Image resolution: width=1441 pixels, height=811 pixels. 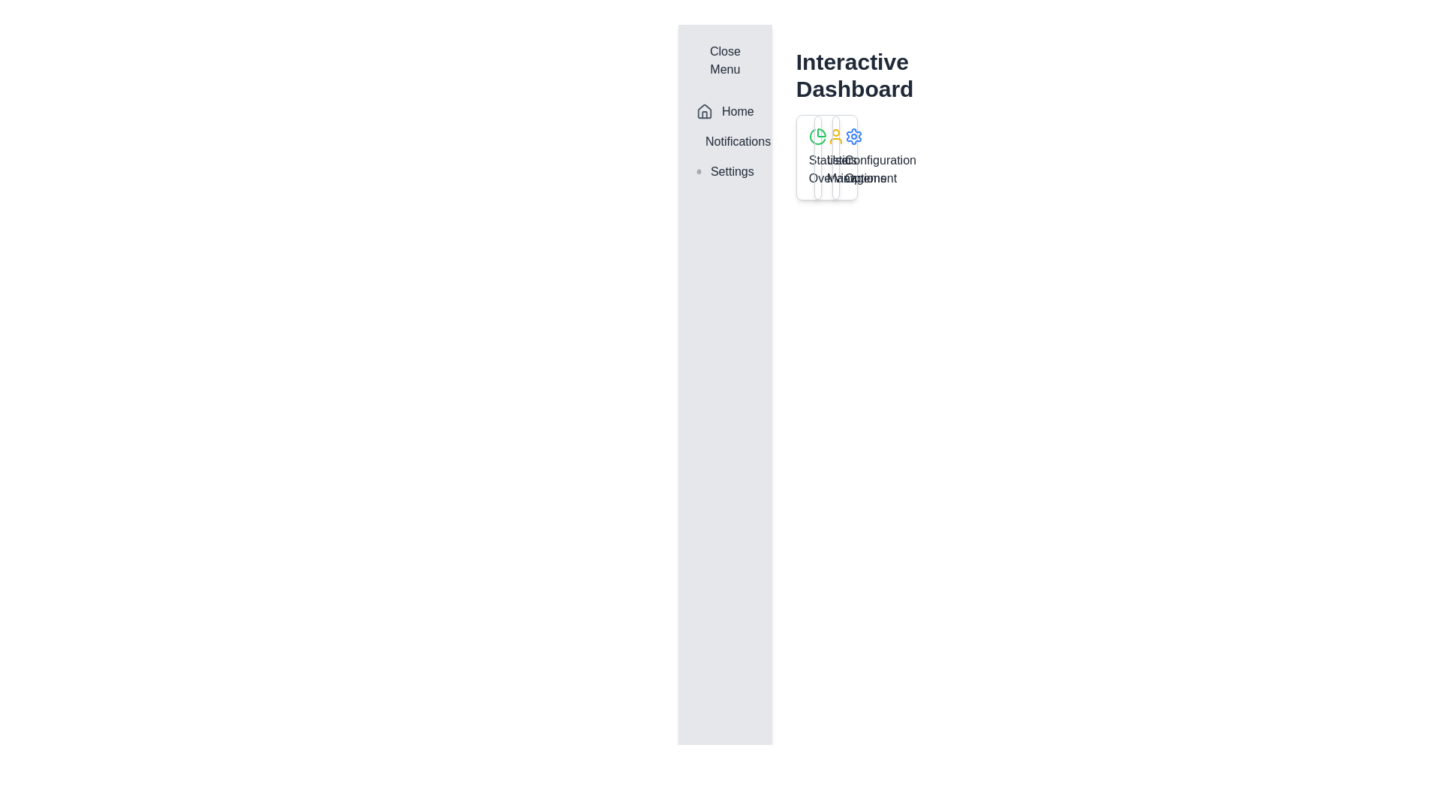 What do you see at coordinates (705, 140) in the screenshot?
I see `the notification icon located on the sidebar, which is the second component between 'Home' and 'Settings'` at bounding box center [705, 140].